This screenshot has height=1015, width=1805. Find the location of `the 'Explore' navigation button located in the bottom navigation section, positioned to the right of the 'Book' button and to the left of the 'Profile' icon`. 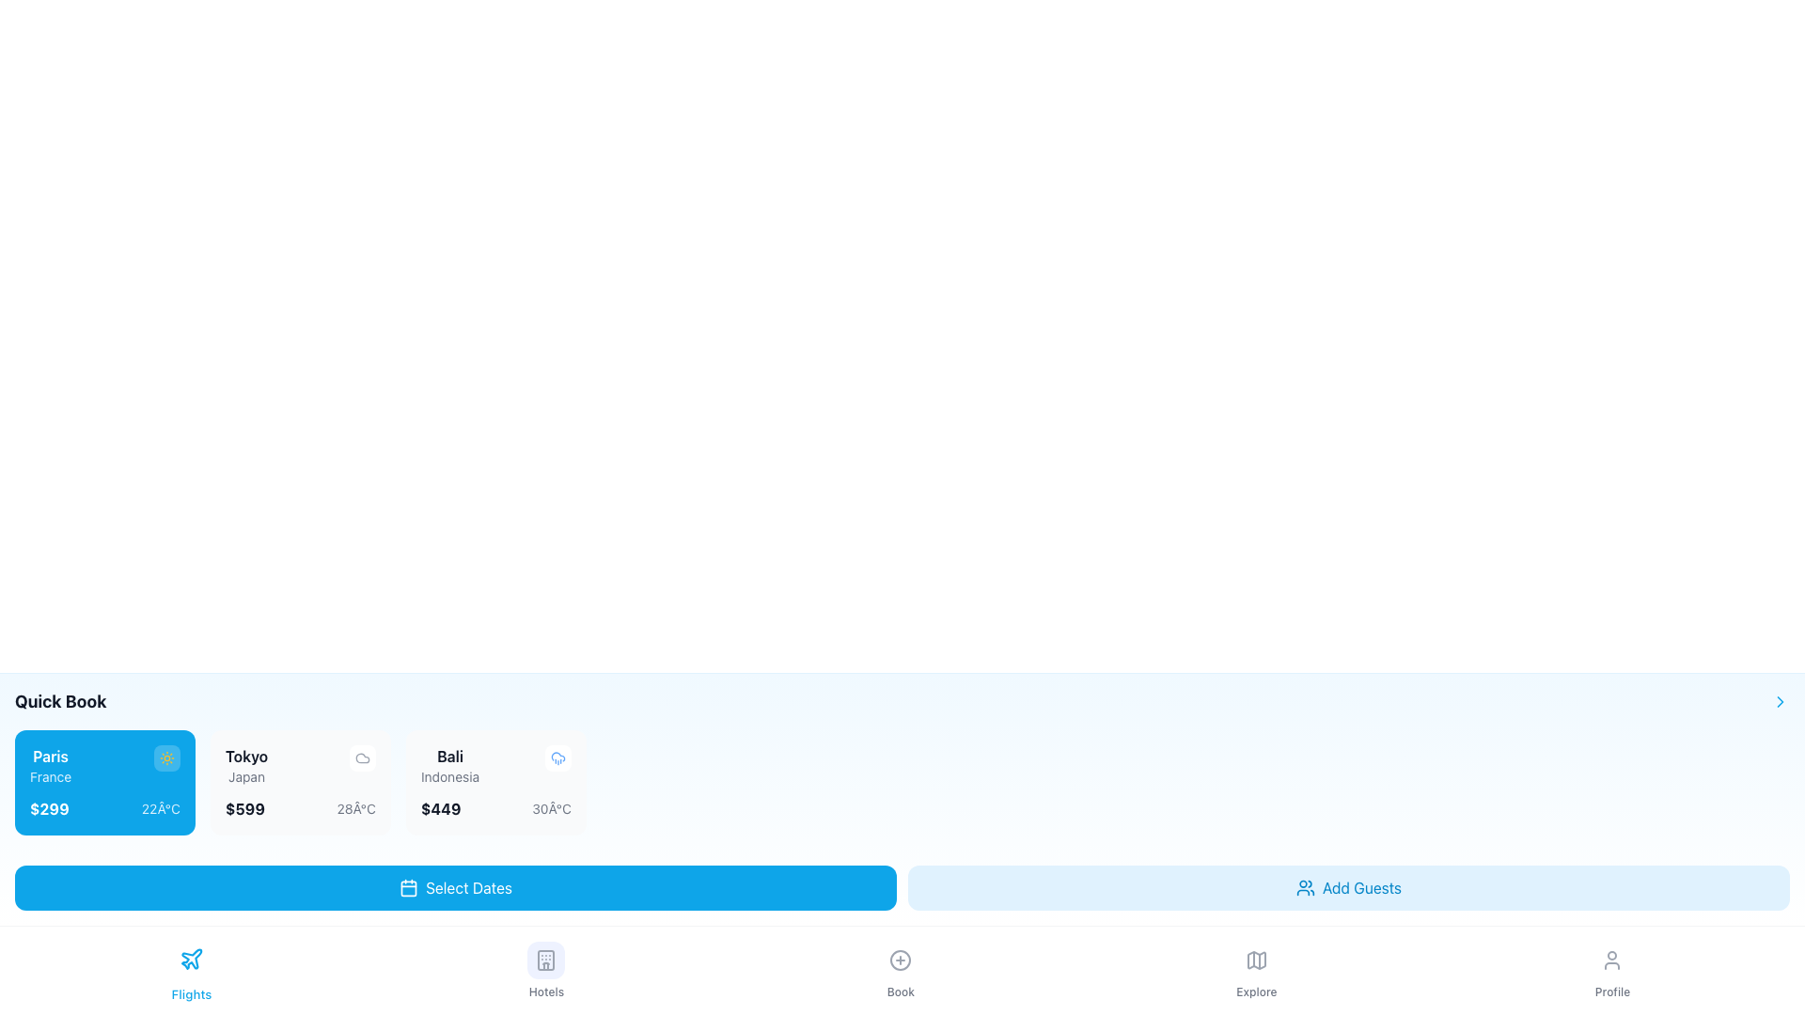

the 'Explore' navigation button located in the bottom navigation section, positioned to the right of the 'Book' button and to the left of the 'Profile' icon is located at coordinates (1256, 971).